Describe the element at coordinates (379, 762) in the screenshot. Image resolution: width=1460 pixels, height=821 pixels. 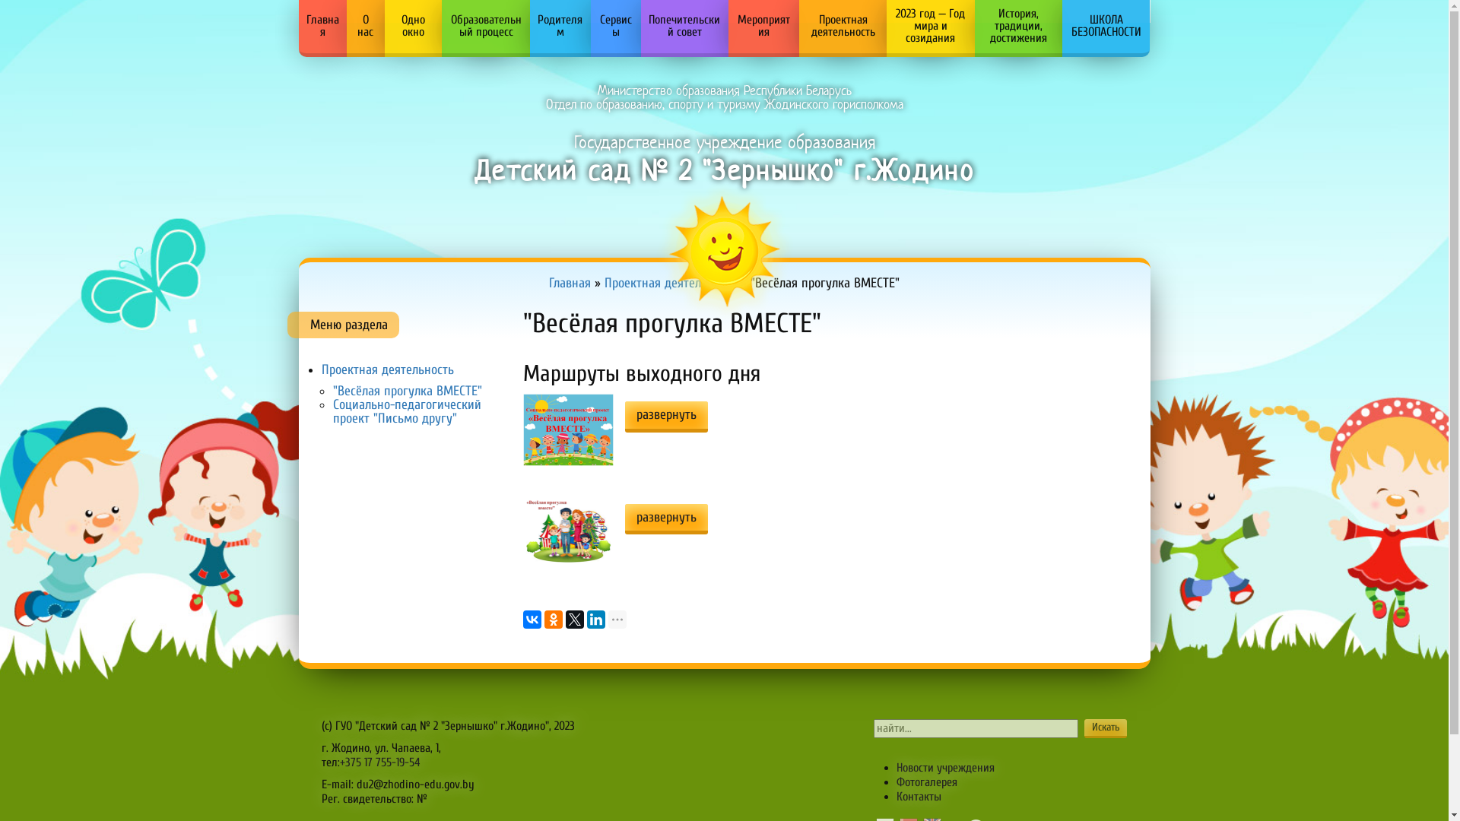
I see `'+375 17 755-19-54'` at that location.